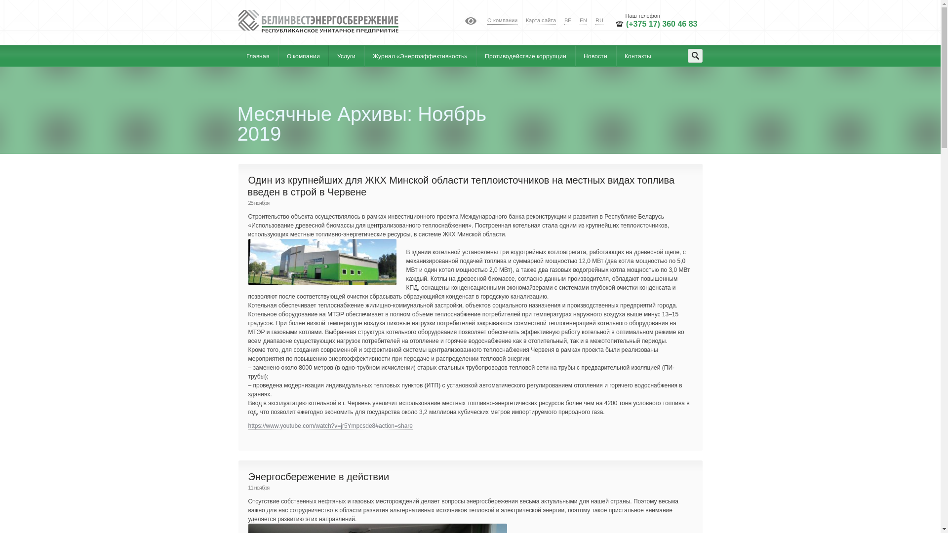 The height and width of the screenshot is (533, 948). I want to click on 'RU', so click(599, 21).